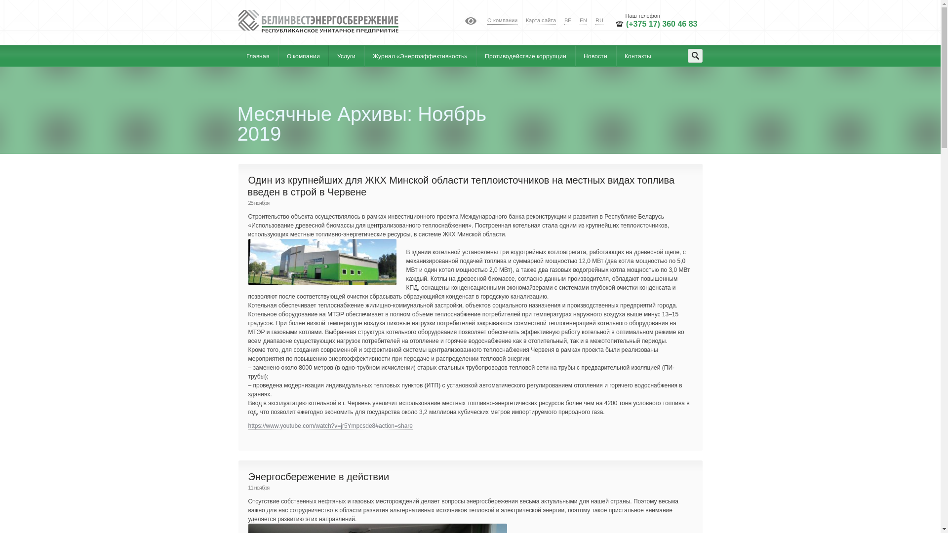 The height and width of the screenshot is (533, 948). I want to click on 'RU', so click(599, 21).